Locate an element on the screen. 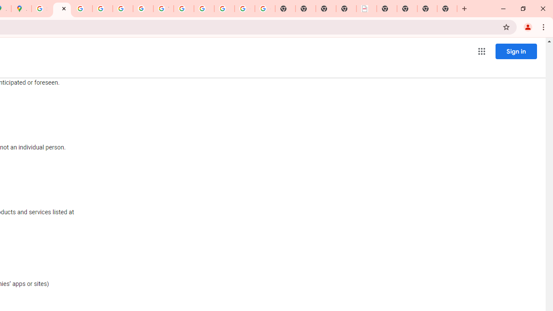 The width and height of the screenshot is (553, 311). 'Privacy Help Center - Policies Help' is located at coordinates (82, 9).